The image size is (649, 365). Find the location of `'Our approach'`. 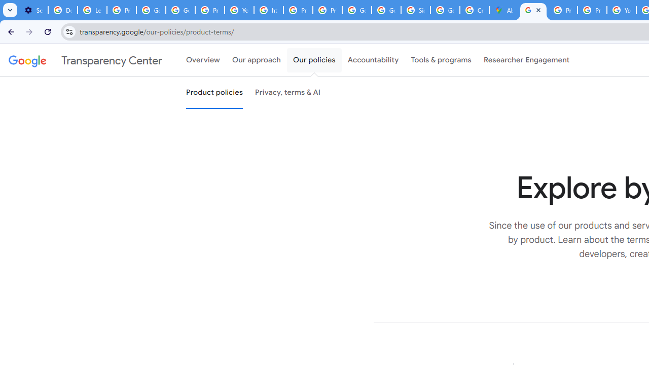

'Our approach' is located at coordinates (257, 60).